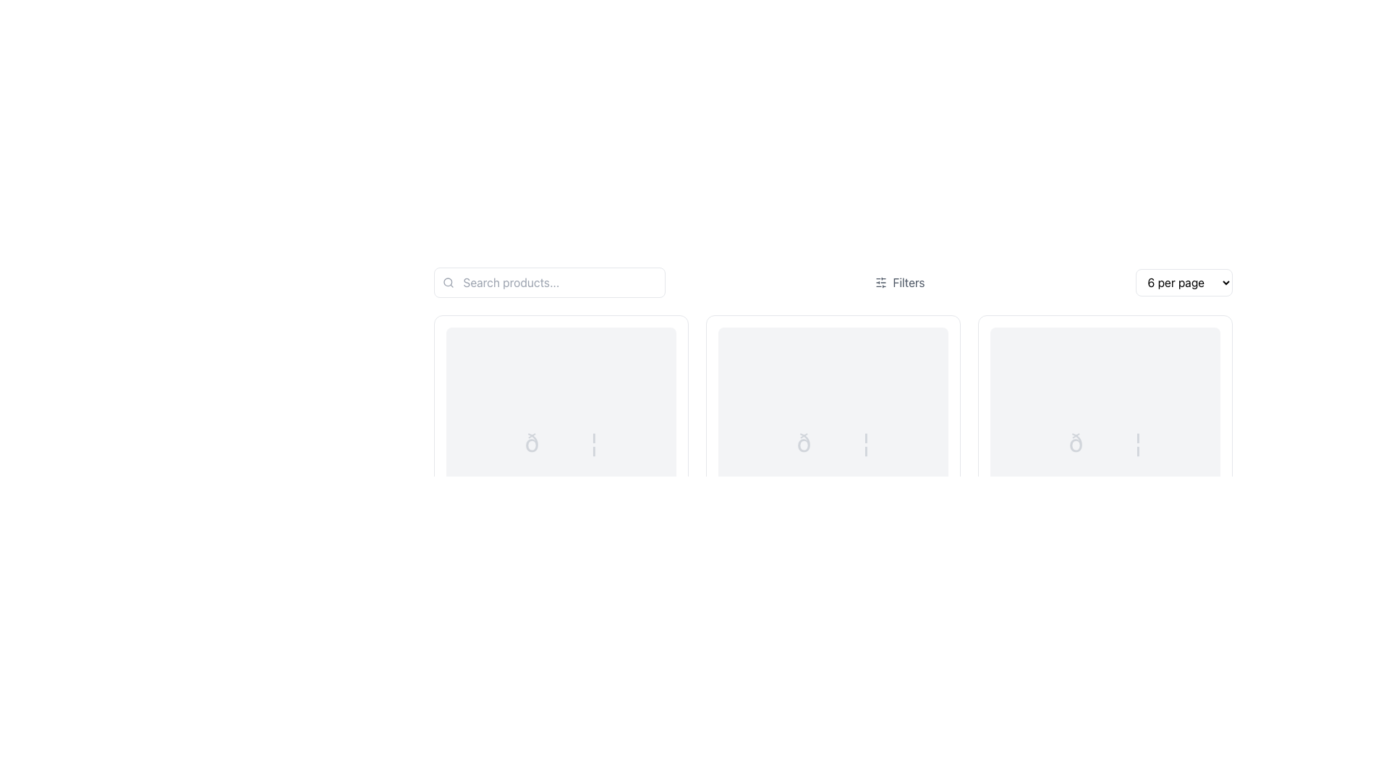 The width and height of the screenshot is (1389, 781). Describe the element at coordinates (1104, 470) in the screenshot. I see `the clickable card component displaying 'Product 3' with a price of '$54' in the rightmost column of the product list grid` at that location.